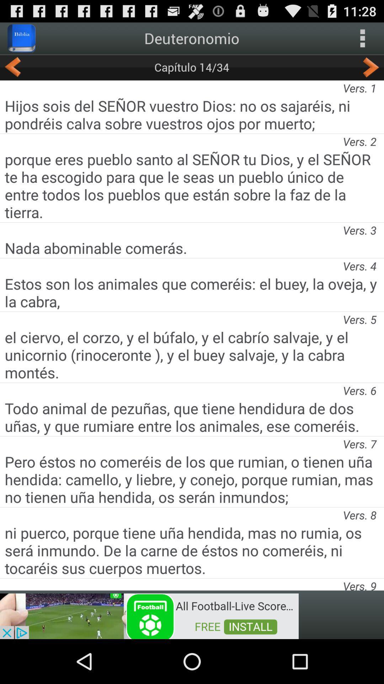  Describe the element at coordinates (13, 72) in the screenshot. I see `the arrow_backward icon` at that location.